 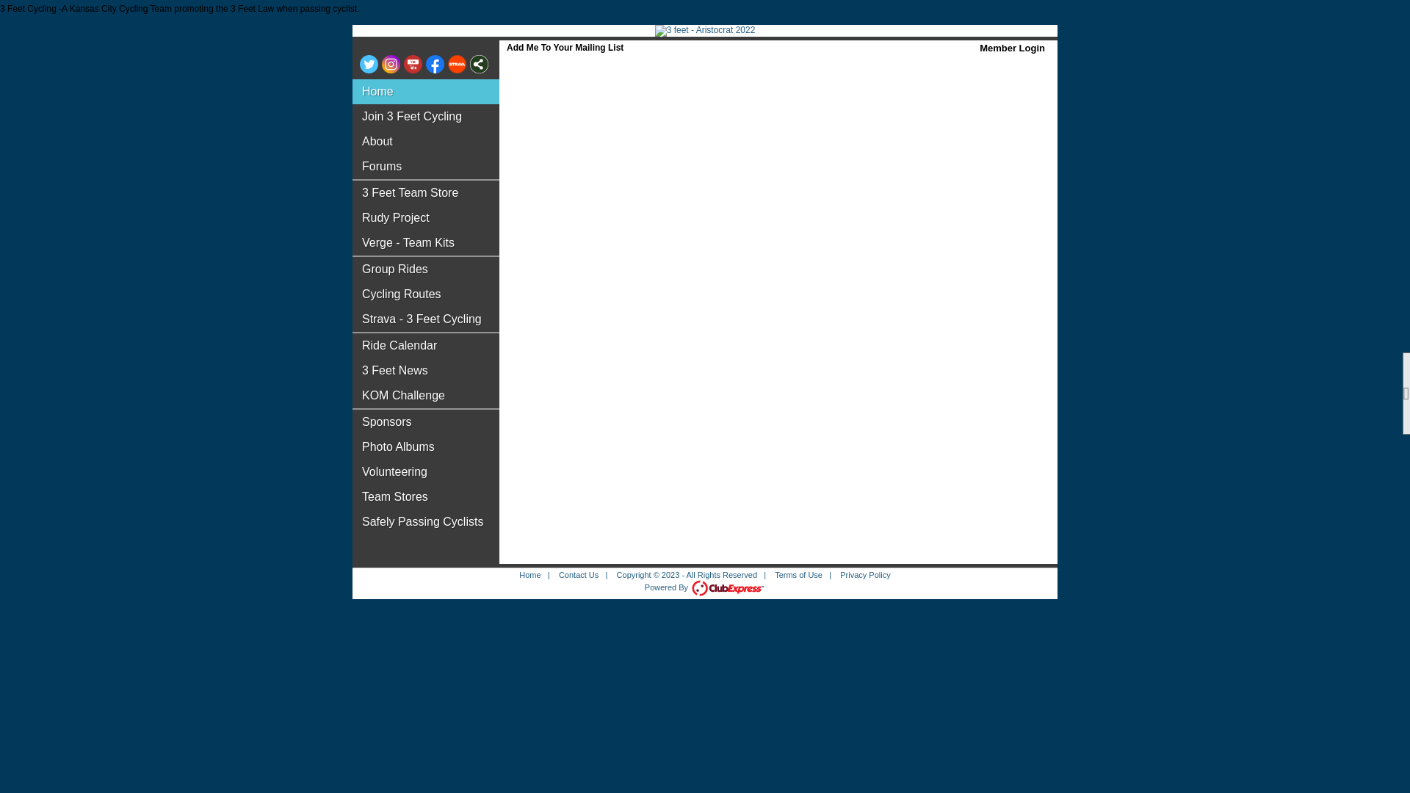 What do you see at coordinates (1011, 47) in the screenshot?
I see `'Member Login'` at bounding box center [1011, 47].